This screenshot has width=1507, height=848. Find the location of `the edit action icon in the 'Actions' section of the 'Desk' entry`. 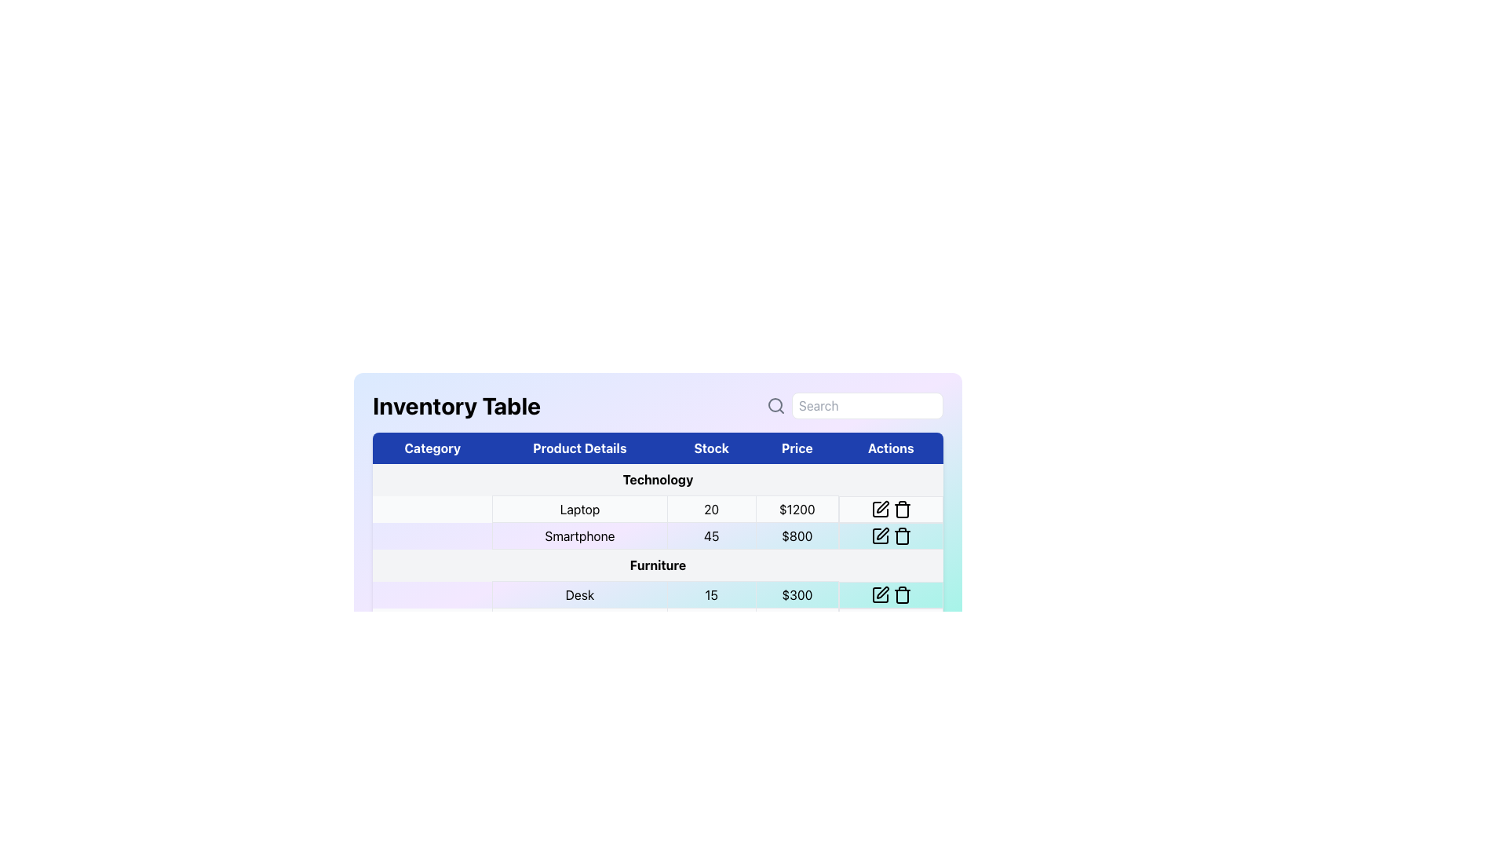

the edit action icon in the 'Actions' section of the 'Desk' entry is located at coordinates (880, 594).